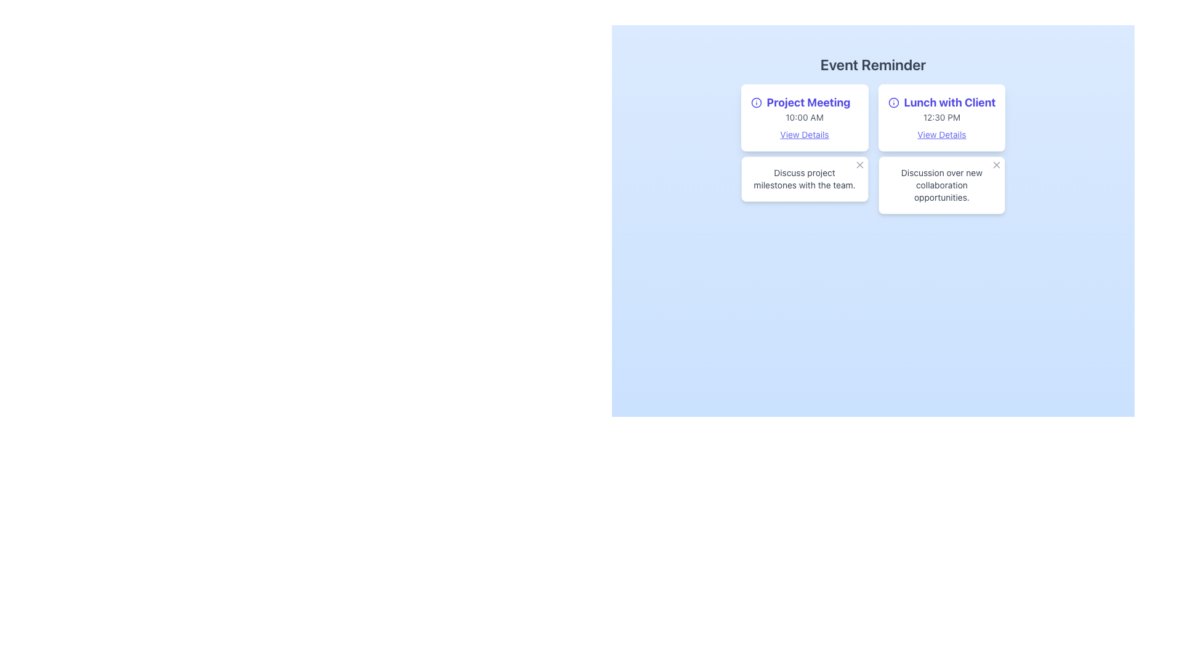  What do you see at coordinates (872, 64) in the screenshot?
I see `prominent header text 'Event Reminder' which is centrally aligned at the top of the interface` at bounding box center [872, 64].